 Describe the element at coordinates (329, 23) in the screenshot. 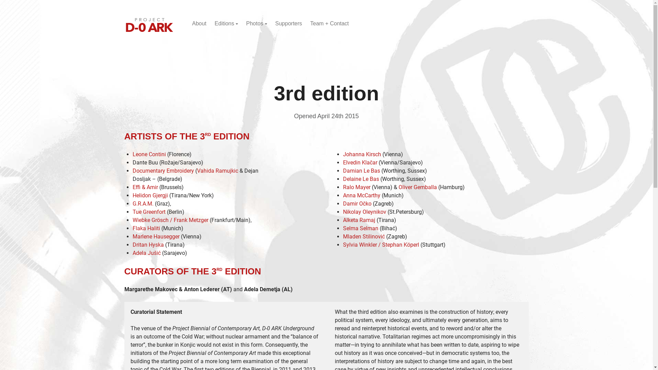

I see `'Team + Contact'` at that location.